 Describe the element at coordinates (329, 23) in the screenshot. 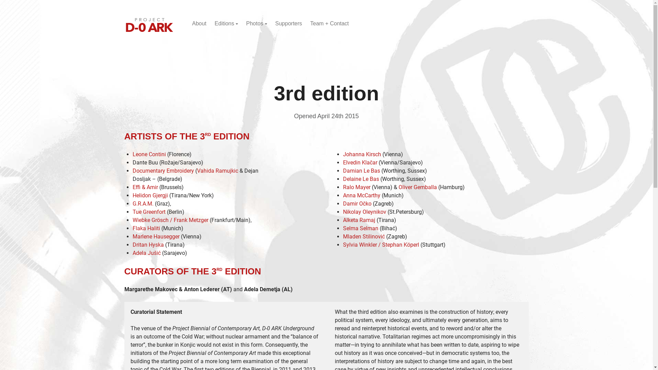

I see `'Team + Contact'` at that location.